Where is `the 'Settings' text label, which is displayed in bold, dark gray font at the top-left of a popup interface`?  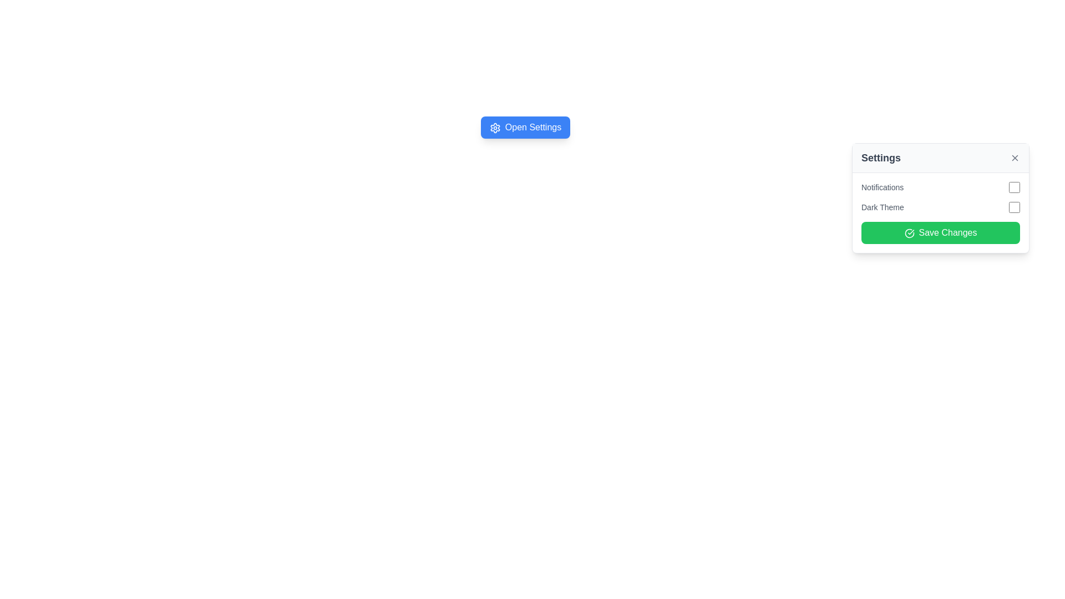
the 'Settings' text label, which is displayed in bold, dark gray font at the top-left of a popup interface is located at coordinates (880, 158).